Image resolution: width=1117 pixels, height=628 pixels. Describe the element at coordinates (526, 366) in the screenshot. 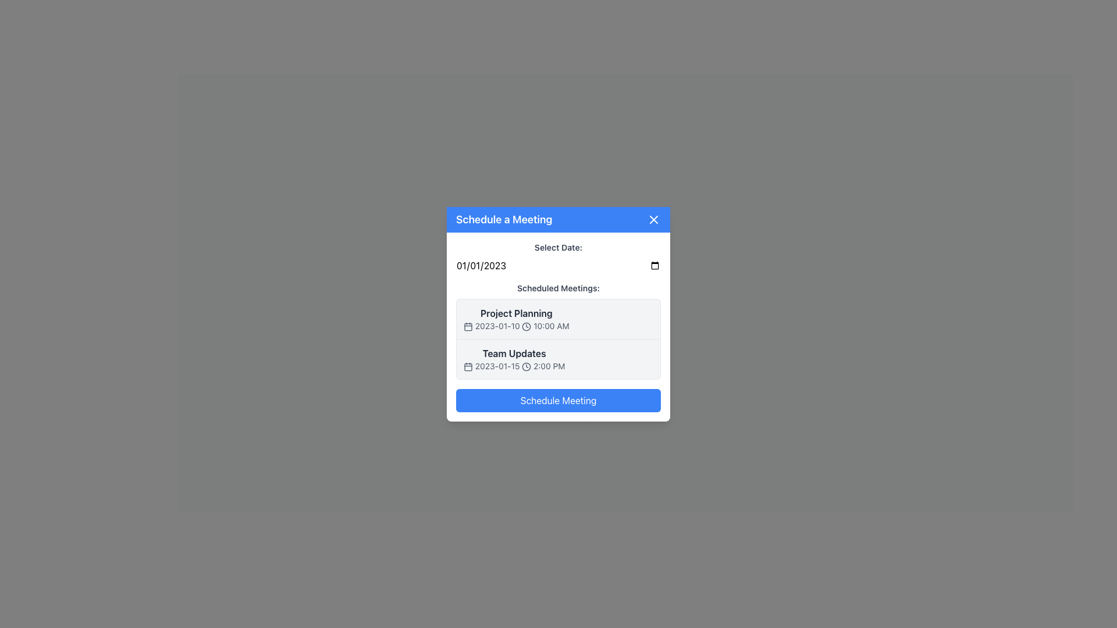

I see `the time indicator icon located slightly to the left of '2:00 PM' in the 'Team Updates' entry within the 'Scheduled Meetings' section of the 'Schedule a Meeting' modal` at that location.